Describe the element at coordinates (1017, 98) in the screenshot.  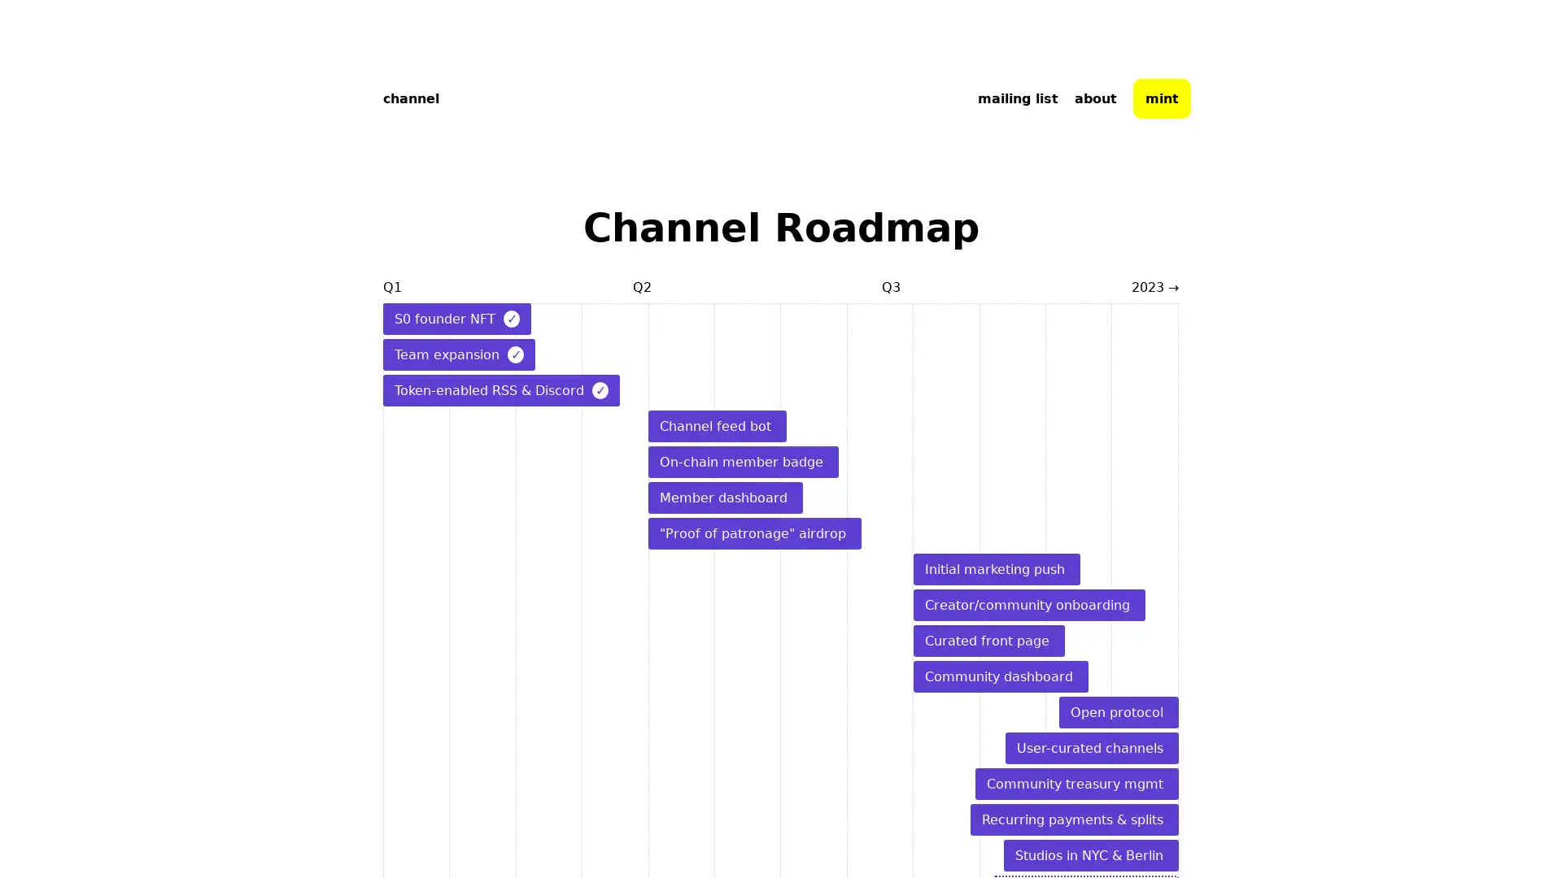
I see `mailing list` at that location.